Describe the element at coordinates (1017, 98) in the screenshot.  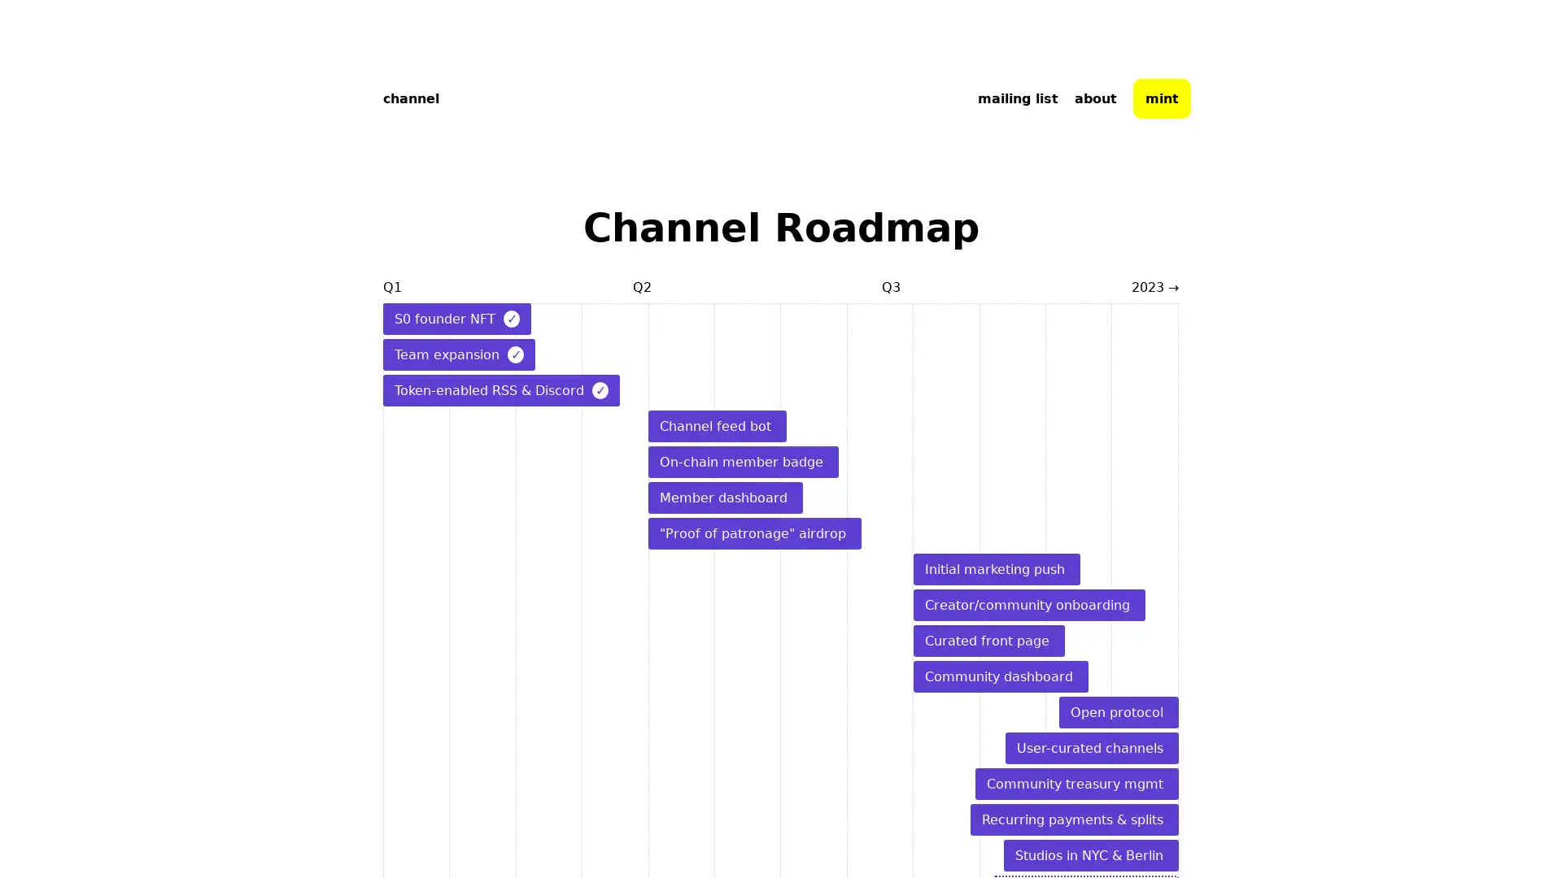
I see `mailing list` at that location.